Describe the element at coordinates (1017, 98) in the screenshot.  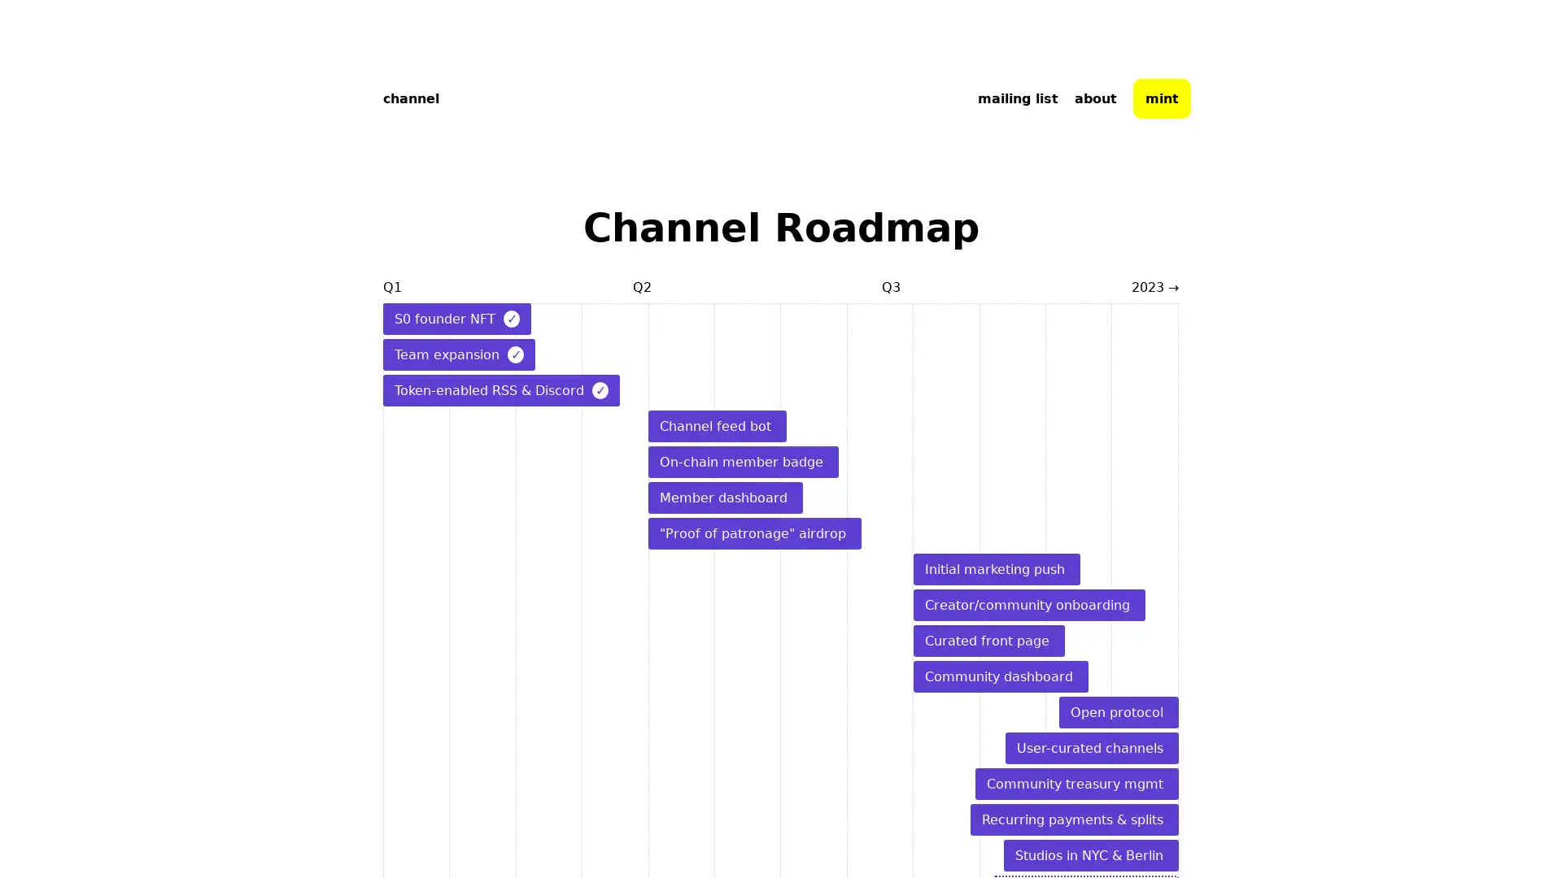
I see `mailing list` at that location.